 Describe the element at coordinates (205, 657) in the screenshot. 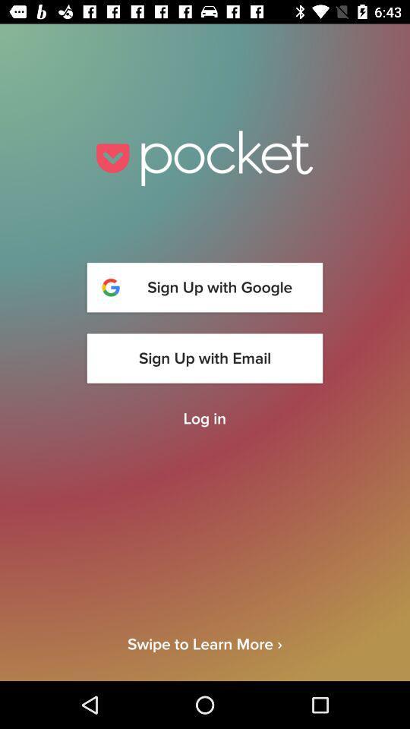

I see `the icon below log in icon` at that location.